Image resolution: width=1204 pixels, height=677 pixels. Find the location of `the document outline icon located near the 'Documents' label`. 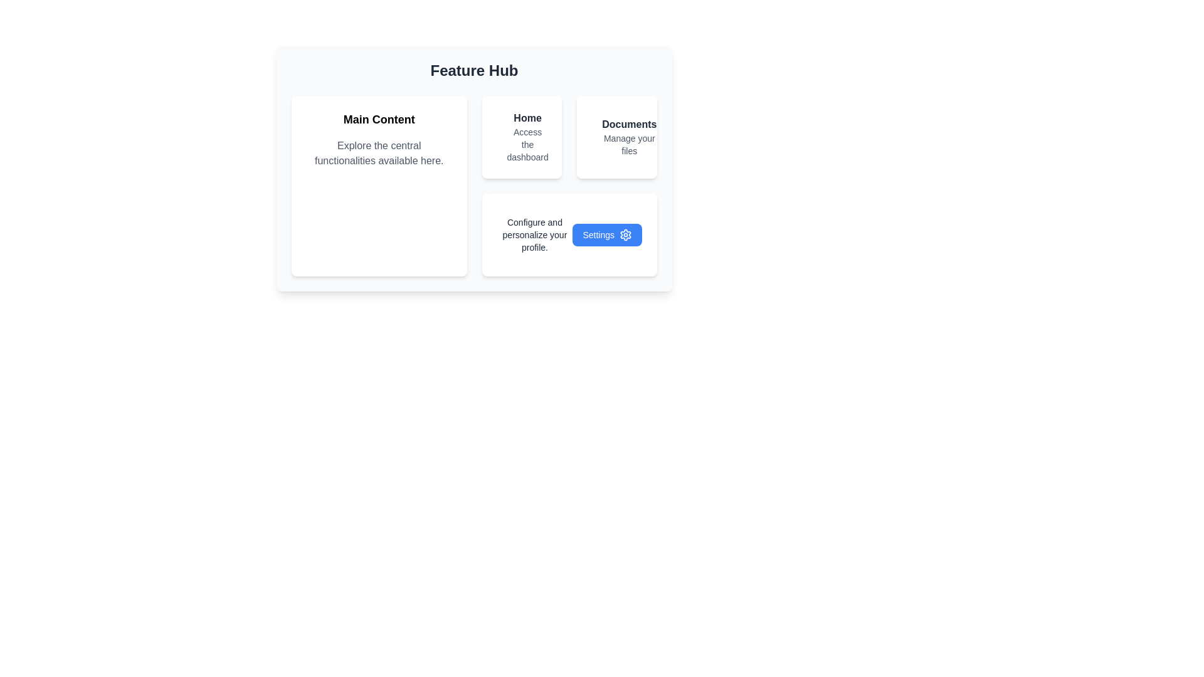

the document outline icon located near the 'Documents' label is located at coordinates (599, 135).